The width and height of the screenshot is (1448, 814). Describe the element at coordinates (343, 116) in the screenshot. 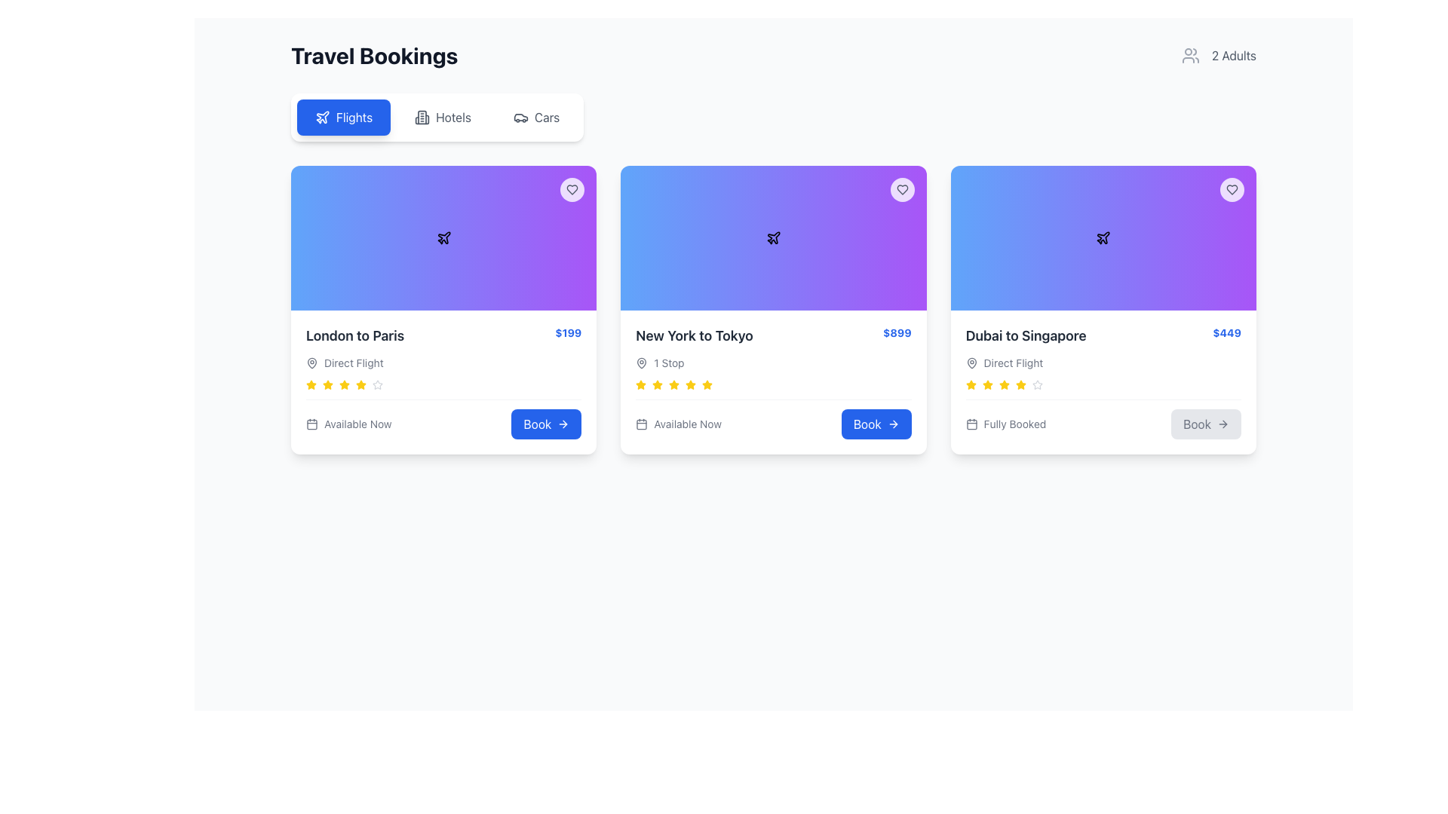

I see `the 'Flights' button located in the top-left horizontal row of options` at that location.